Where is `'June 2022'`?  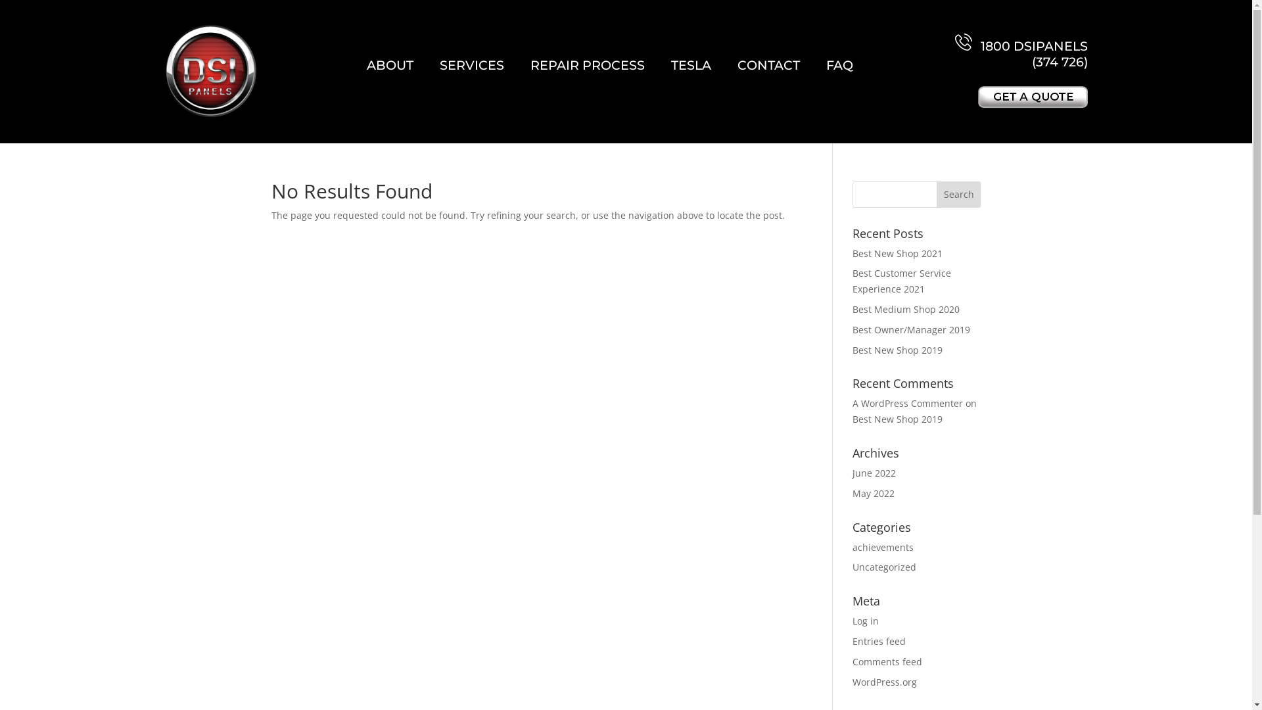 'June 2022' is located at coordinates (874, 472).